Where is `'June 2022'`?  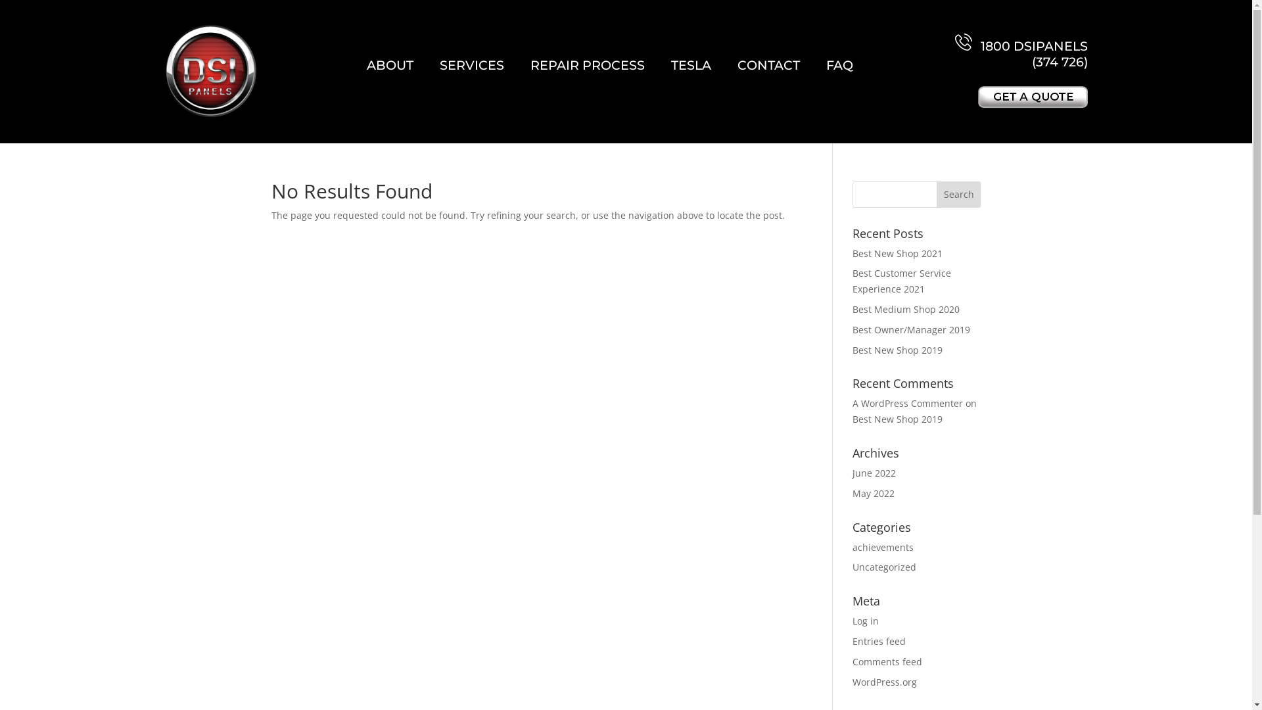 'June 2022' is located at coordinates (874, 472).